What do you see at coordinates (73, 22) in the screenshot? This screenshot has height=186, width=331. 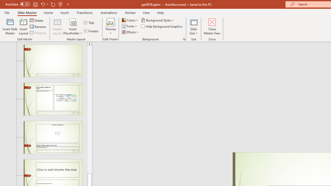 I see `'Content'` at bounding box center [73, 22].